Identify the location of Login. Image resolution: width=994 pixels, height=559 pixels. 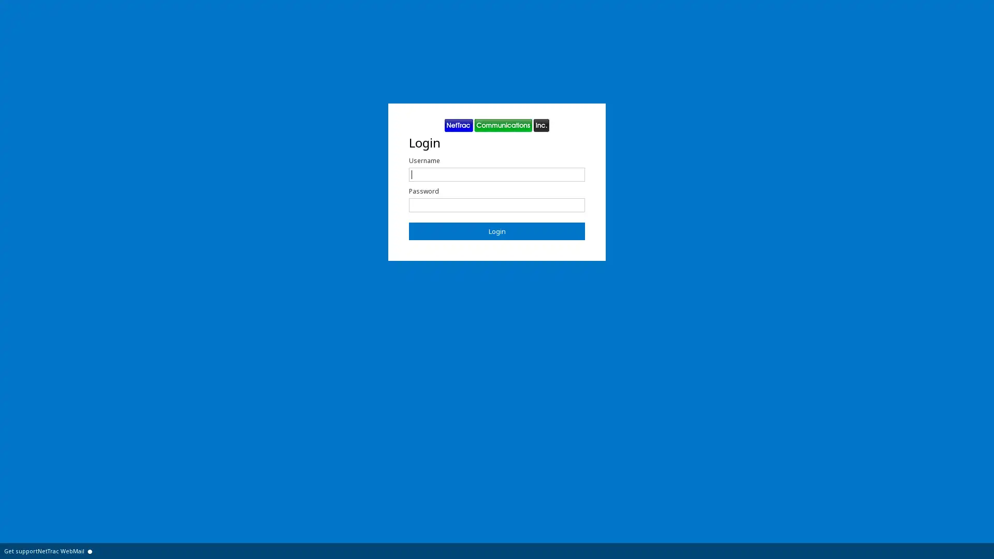
(497, 231).